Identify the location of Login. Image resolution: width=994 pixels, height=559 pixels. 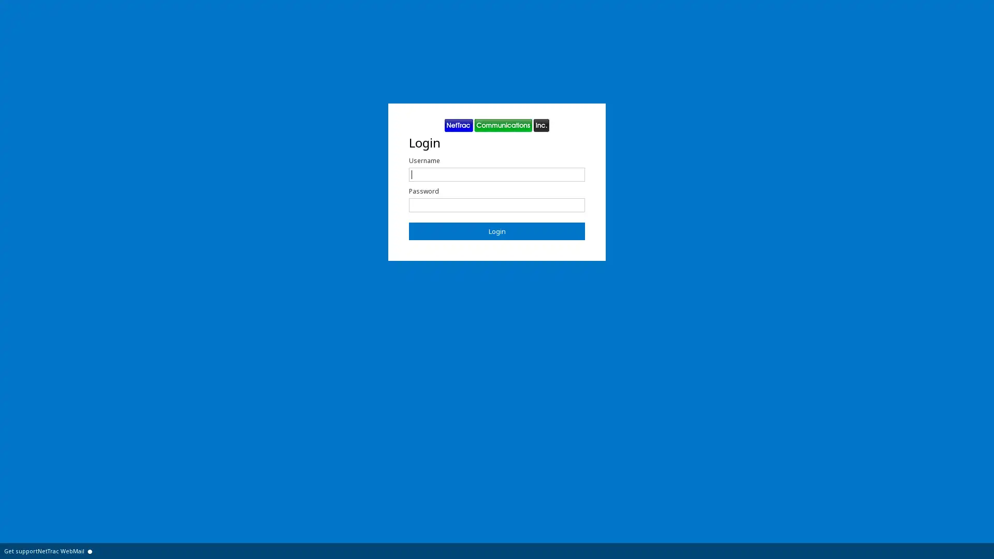
(497, 231).